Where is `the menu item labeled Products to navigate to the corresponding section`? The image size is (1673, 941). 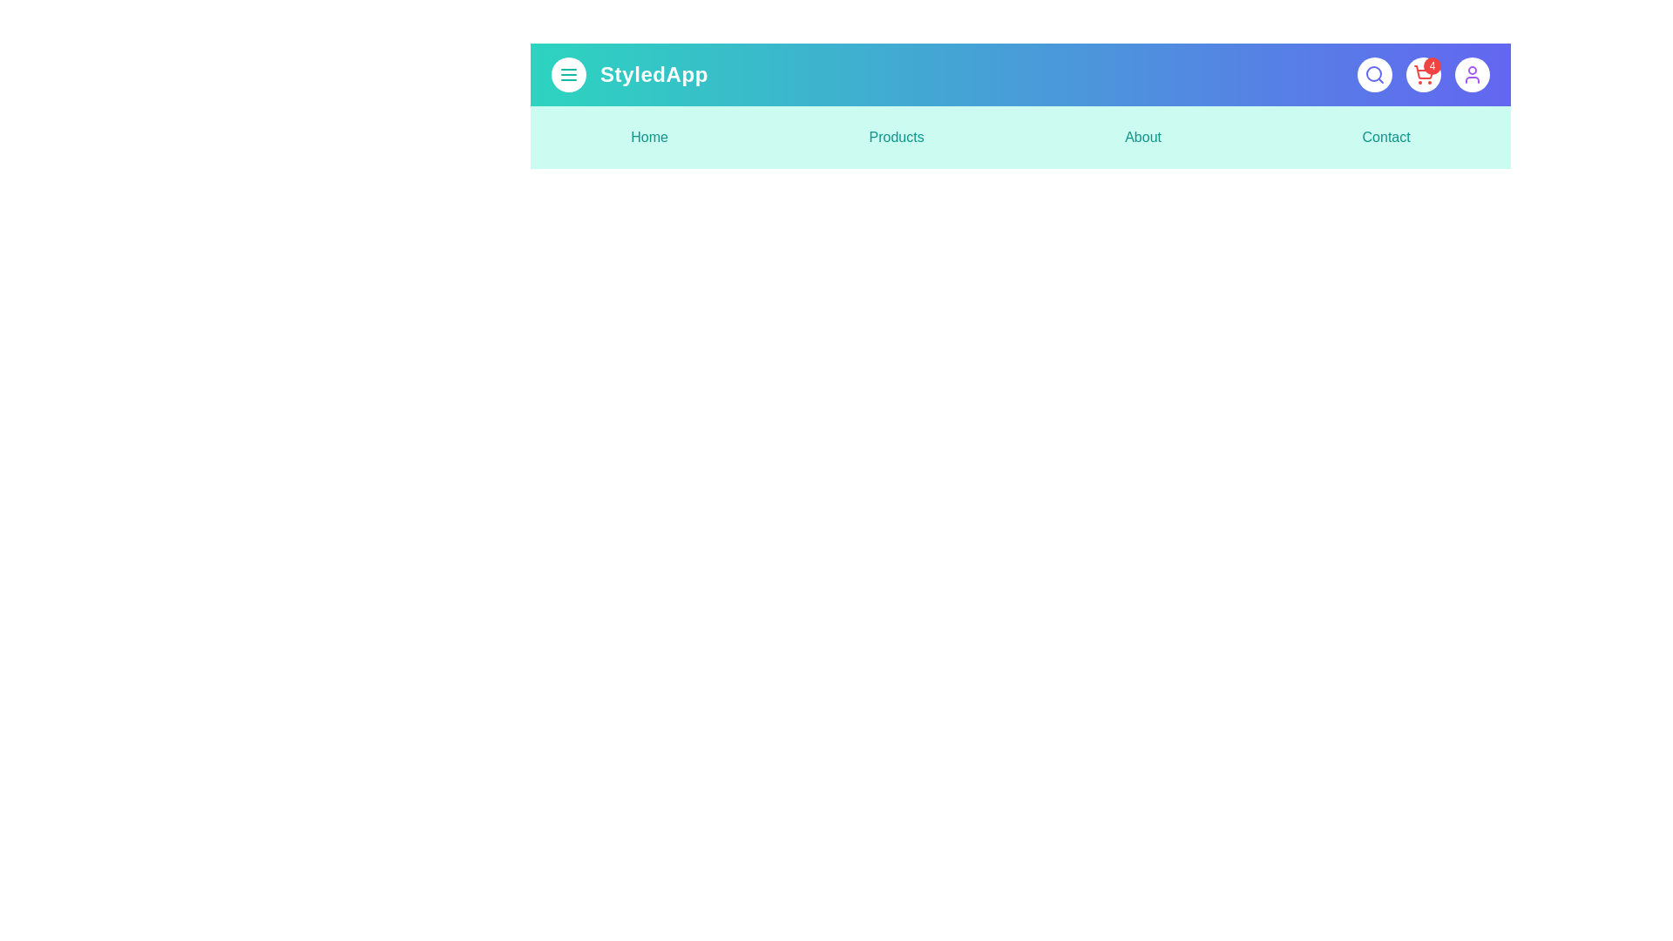
the menu item labeled Products to navigate to the corresponding section is located at coordinates (896, 137).